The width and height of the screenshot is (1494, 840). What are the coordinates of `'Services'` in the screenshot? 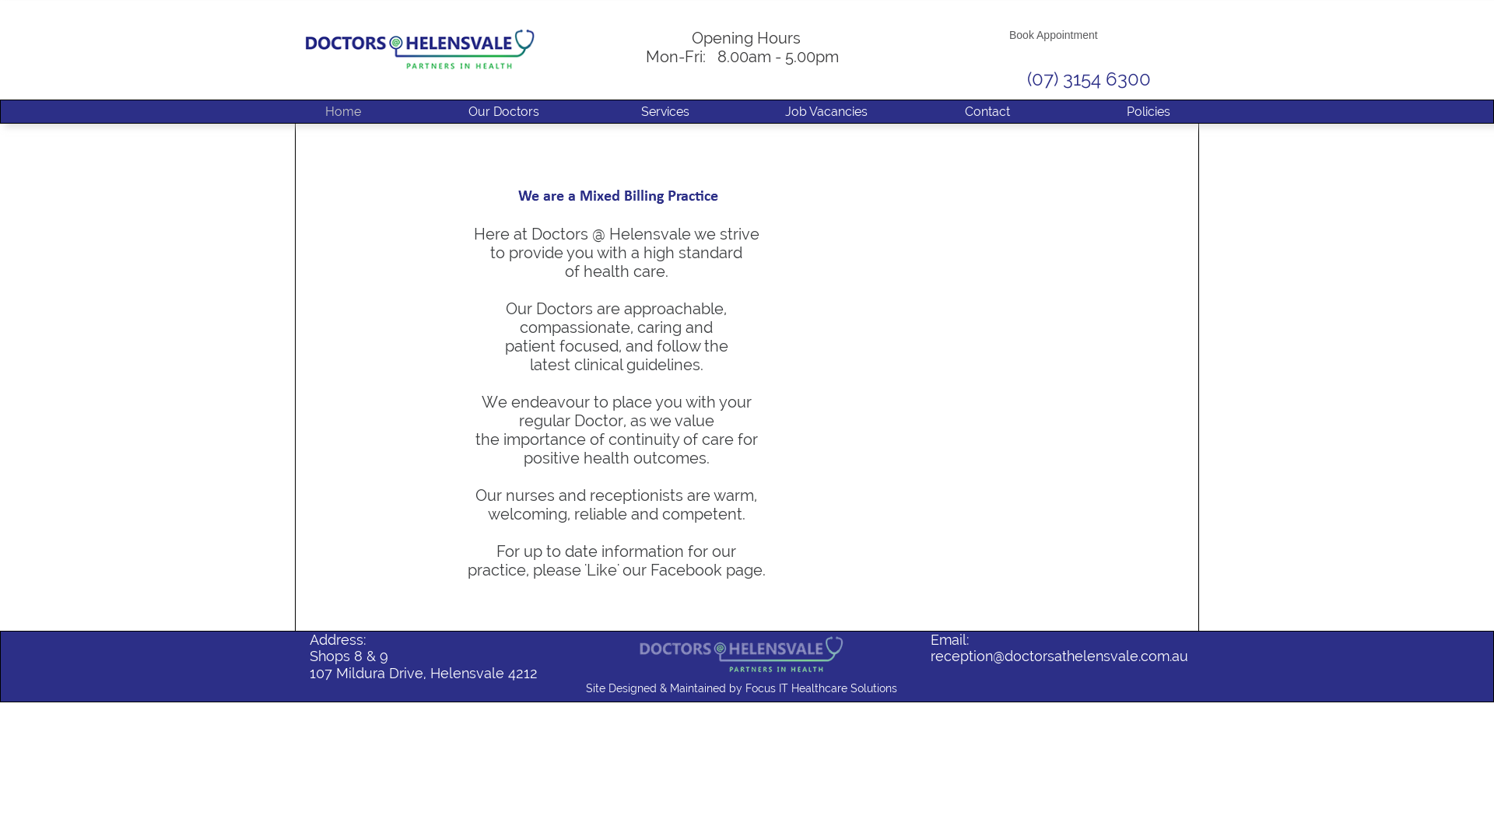 It's located at (584, 110).